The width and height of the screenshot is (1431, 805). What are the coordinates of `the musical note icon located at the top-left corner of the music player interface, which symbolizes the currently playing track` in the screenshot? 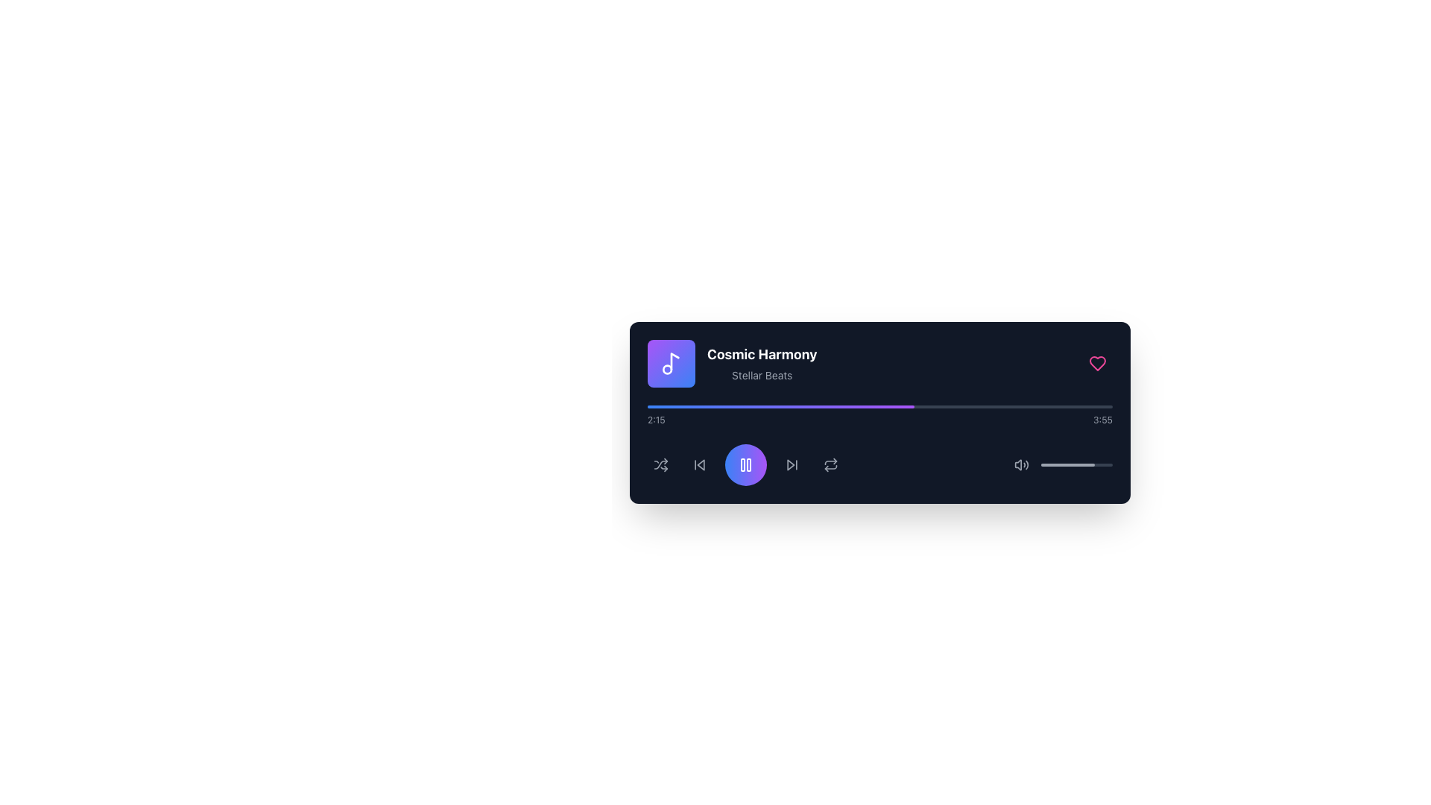 It's located at (671, 364).